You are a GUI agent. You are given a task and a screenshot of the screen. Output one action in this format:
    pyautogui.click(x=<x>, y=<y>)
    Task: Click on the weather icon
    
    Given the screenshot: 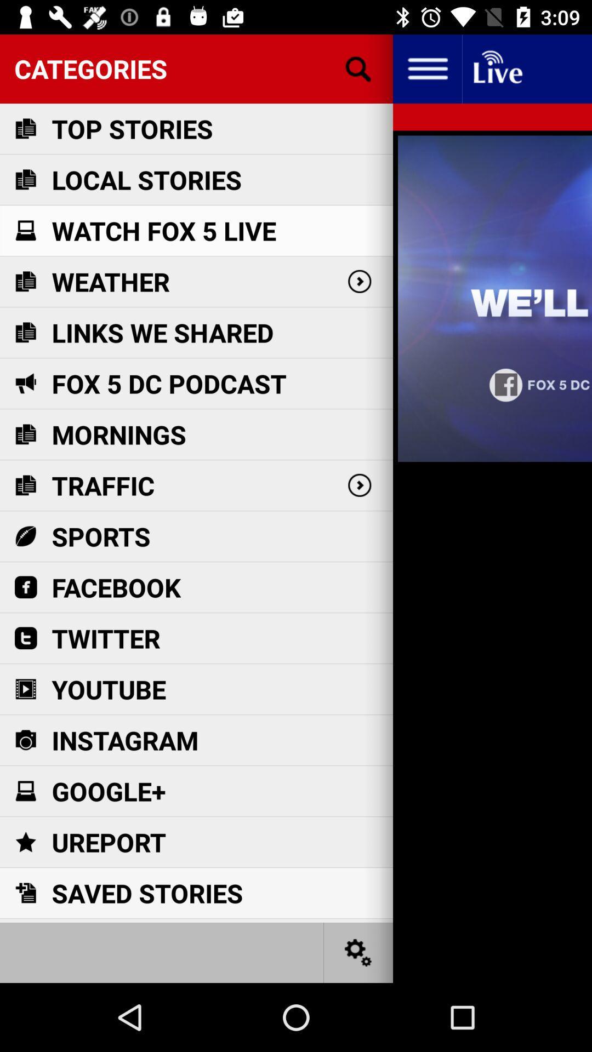 What is the action you would take?
    pyautogui.click(x=111, y=282)
    